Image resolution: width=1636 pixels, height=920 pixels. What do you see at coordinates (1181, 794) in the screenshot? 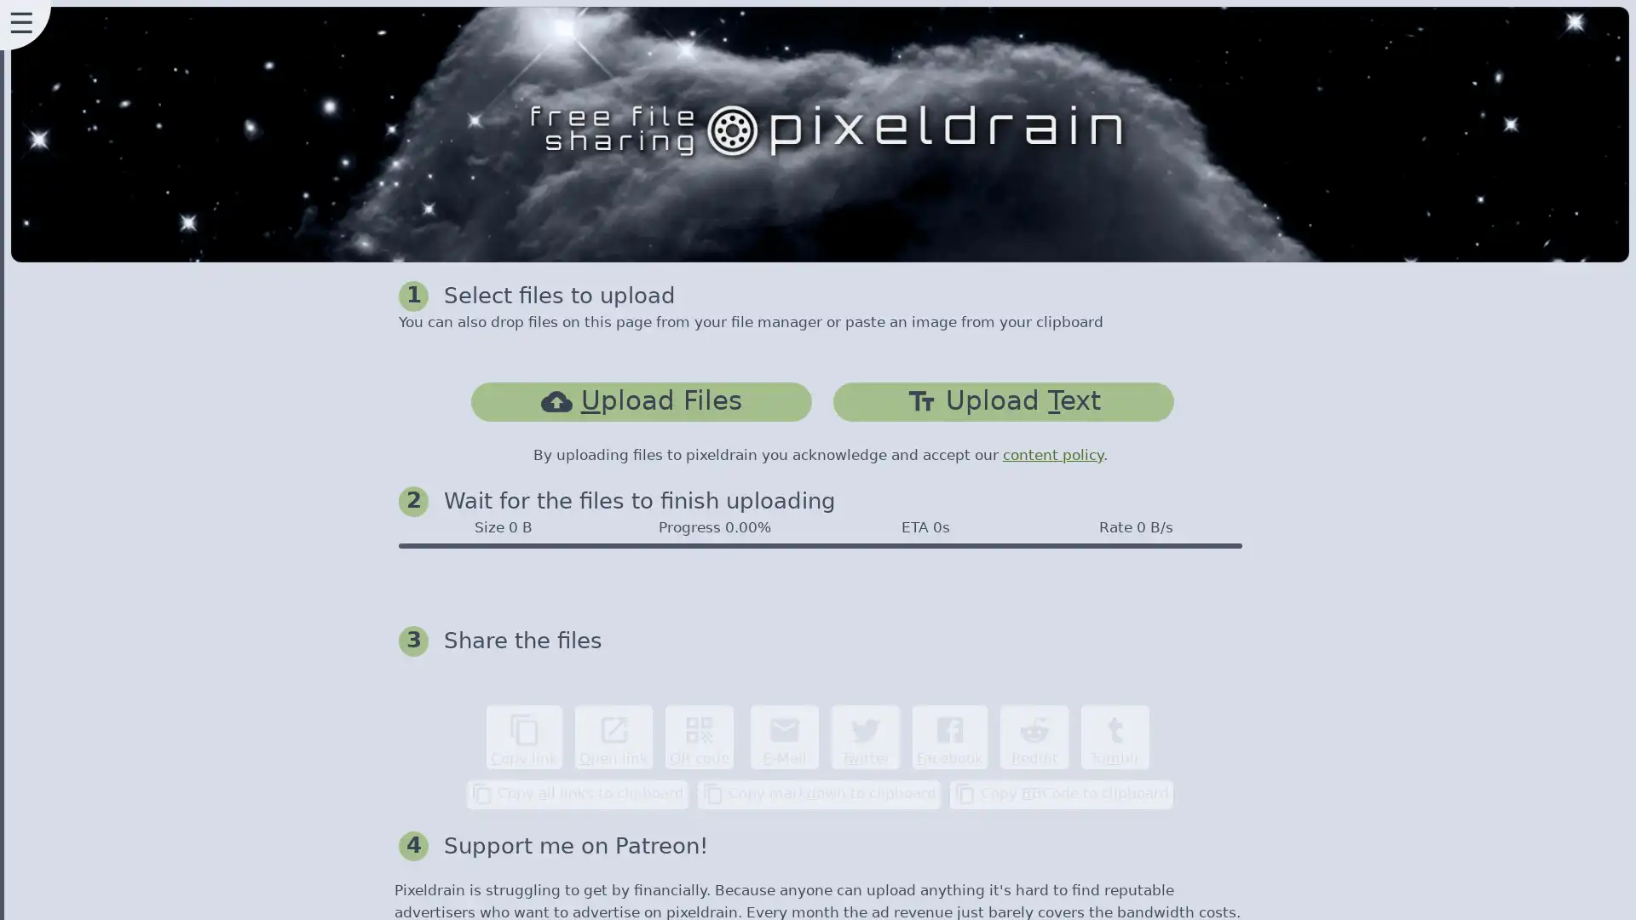
I see `content_copy Copy BBCode to clipboard` at bounding box center [1181, 794].